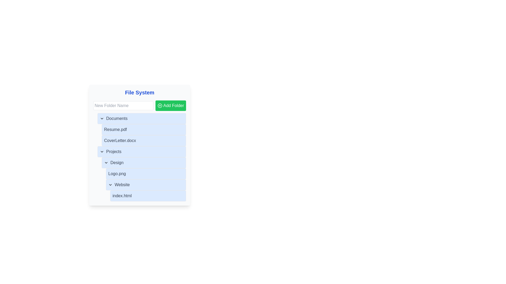 Image resolution: width=506 pixels, height=284 pixels. Describe the element at coordinates (159, 105) in the screenshot. I see `the circular shape within the 'Add Folder' button of the 'File System' module, which is part of the SVG icon` at that location.